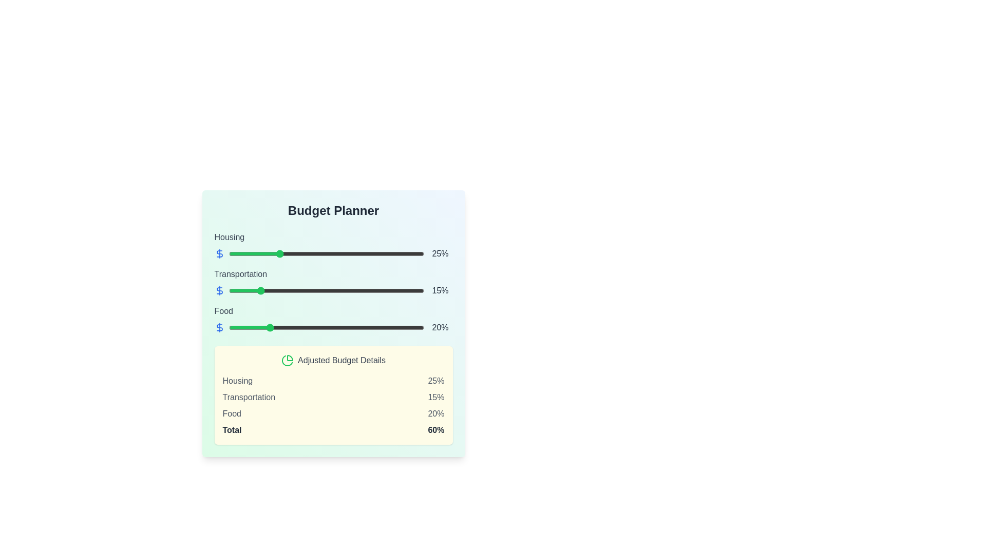  Describe the element at coordinates (440, 253) in the screenshot. I see `displayed percentage value '25%' from the text label, which is centrally aligned and part of the budget adjustment interface, located at the right end of the slider bar` at that location.